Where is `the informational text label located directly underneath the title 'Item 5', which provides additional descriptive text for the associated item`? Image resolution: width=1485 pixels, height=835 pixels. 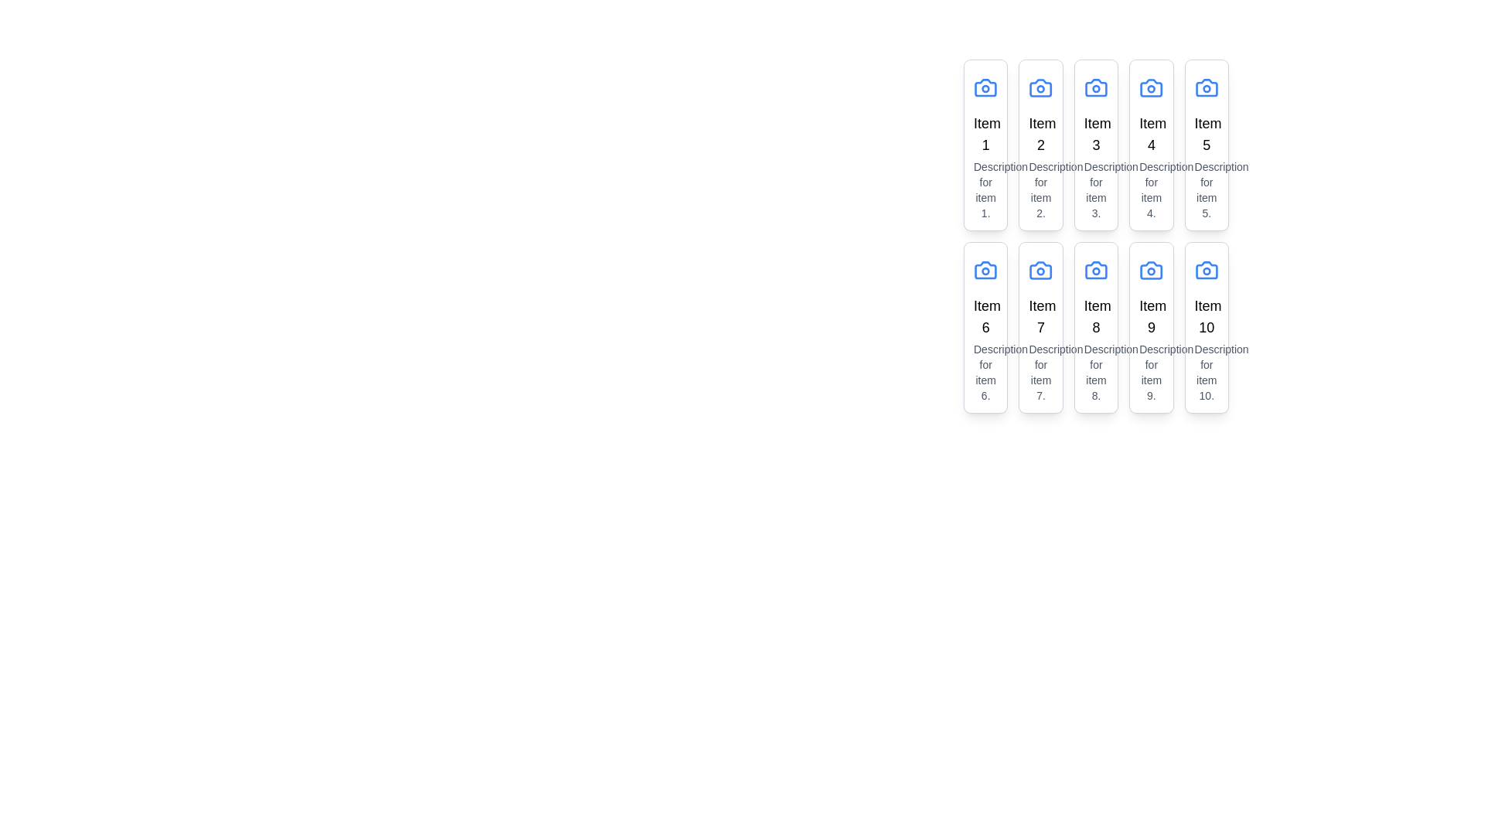 the informational text label located directly underneath the title 'Item 5', which provides additional descriptive text for the associated item is located at coordinates (1206, 189).